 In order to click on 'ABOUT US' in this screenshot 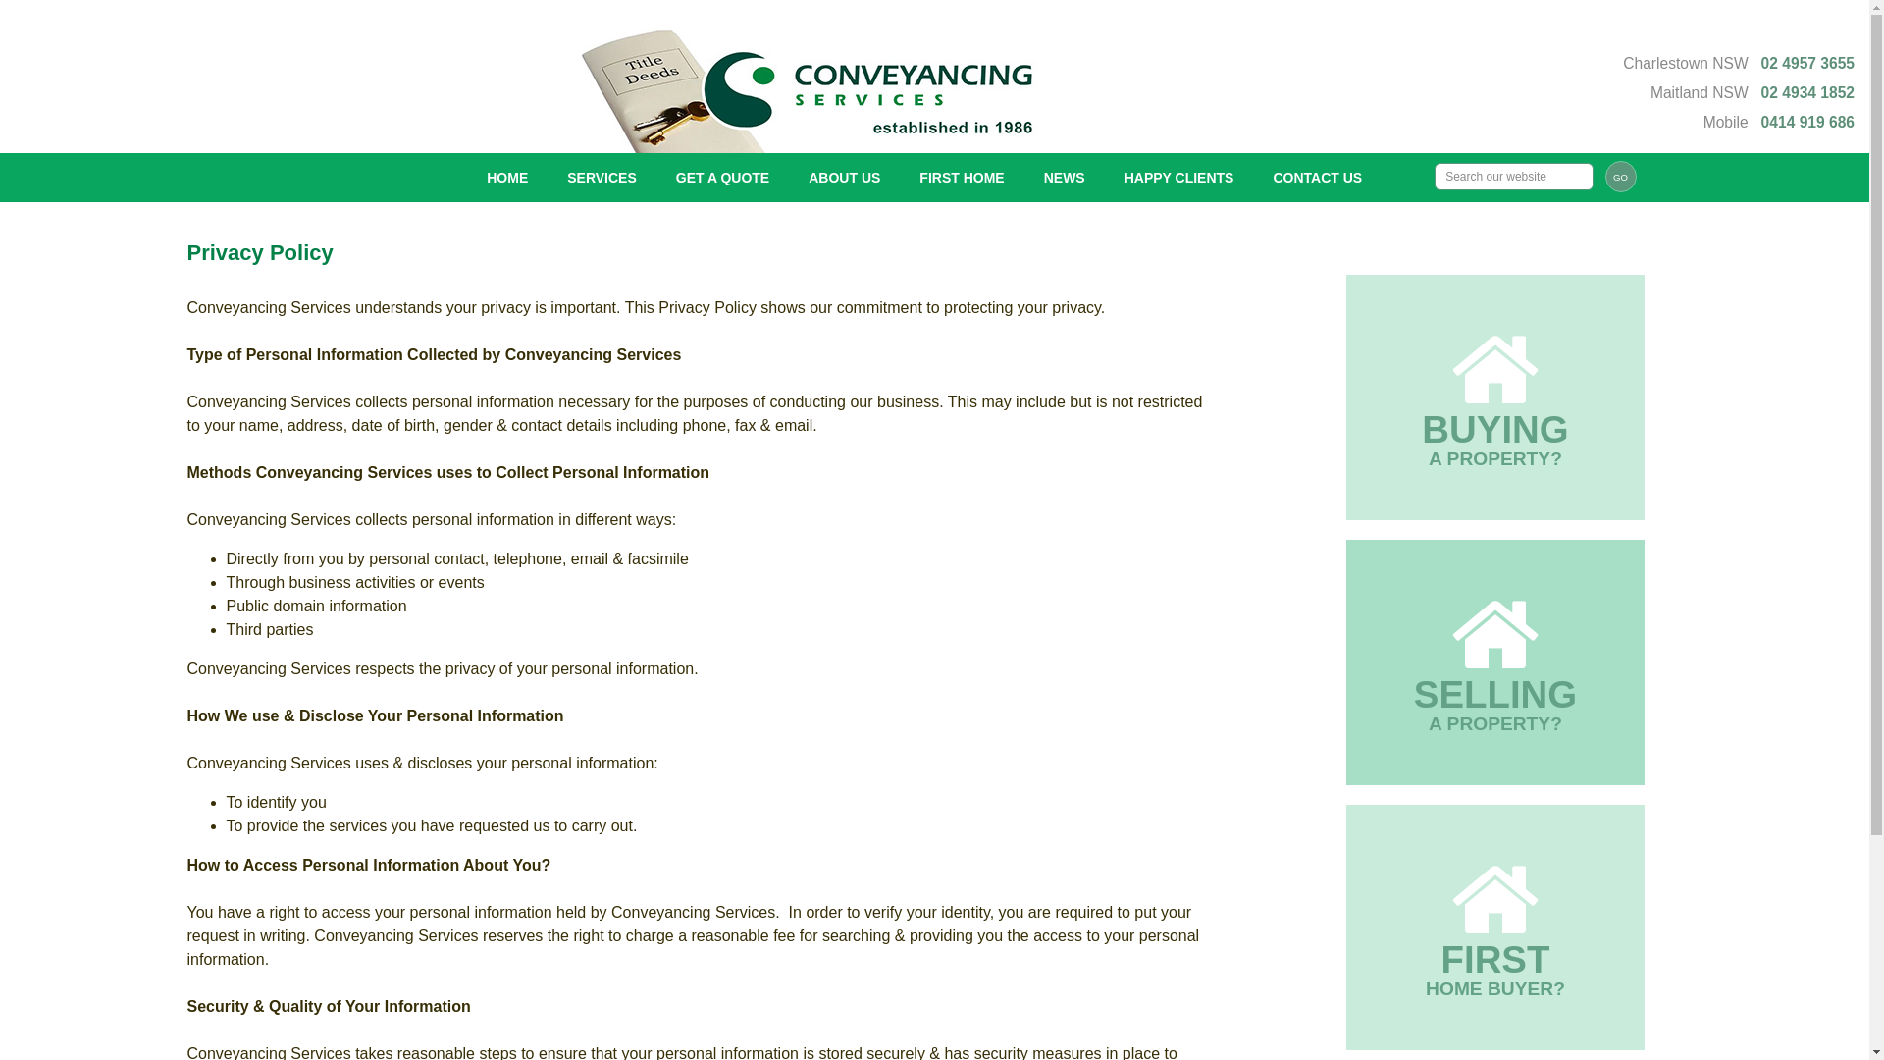, I will do `click(844, 178)`.